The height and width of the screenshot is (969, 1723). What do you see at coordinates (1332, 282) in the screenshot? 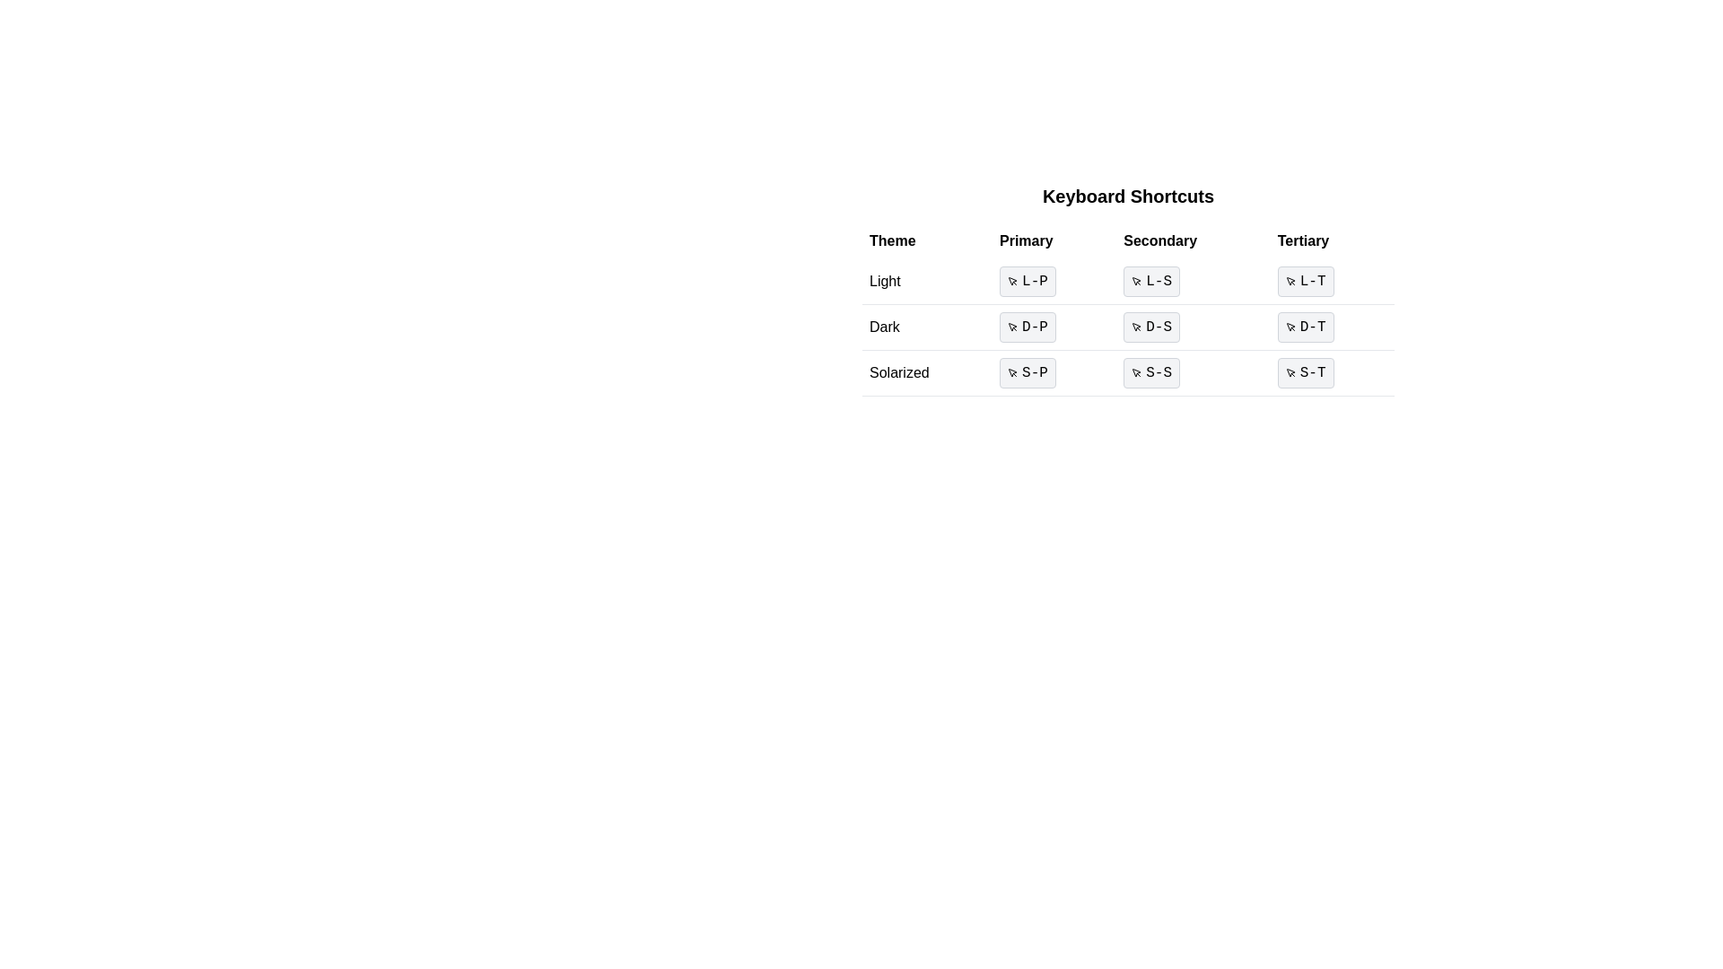
I see `the button representing the tertiary setting for the 'Light' theme, located on the far-right in its row under the column labeled 'Tertiary'` at bounding box center [1332, 282].